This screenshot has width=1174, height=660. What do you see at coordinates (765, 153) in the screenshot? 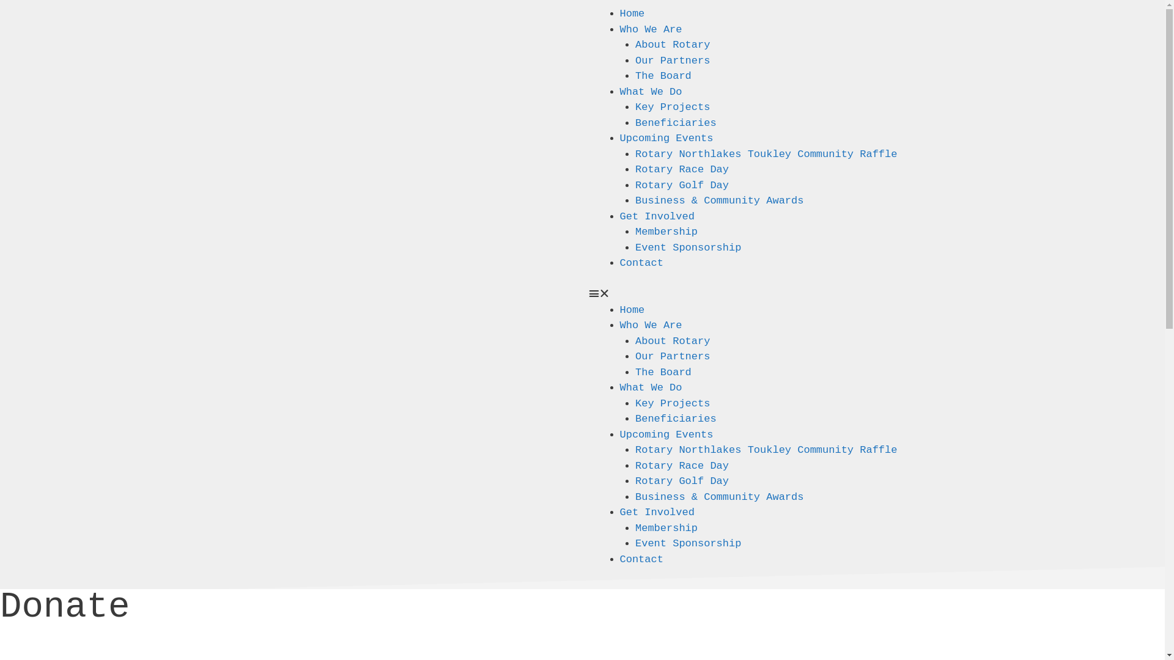
I see `'Rotary Northlakes Toukley Community Raffle'` at bounding box center [765, 153].